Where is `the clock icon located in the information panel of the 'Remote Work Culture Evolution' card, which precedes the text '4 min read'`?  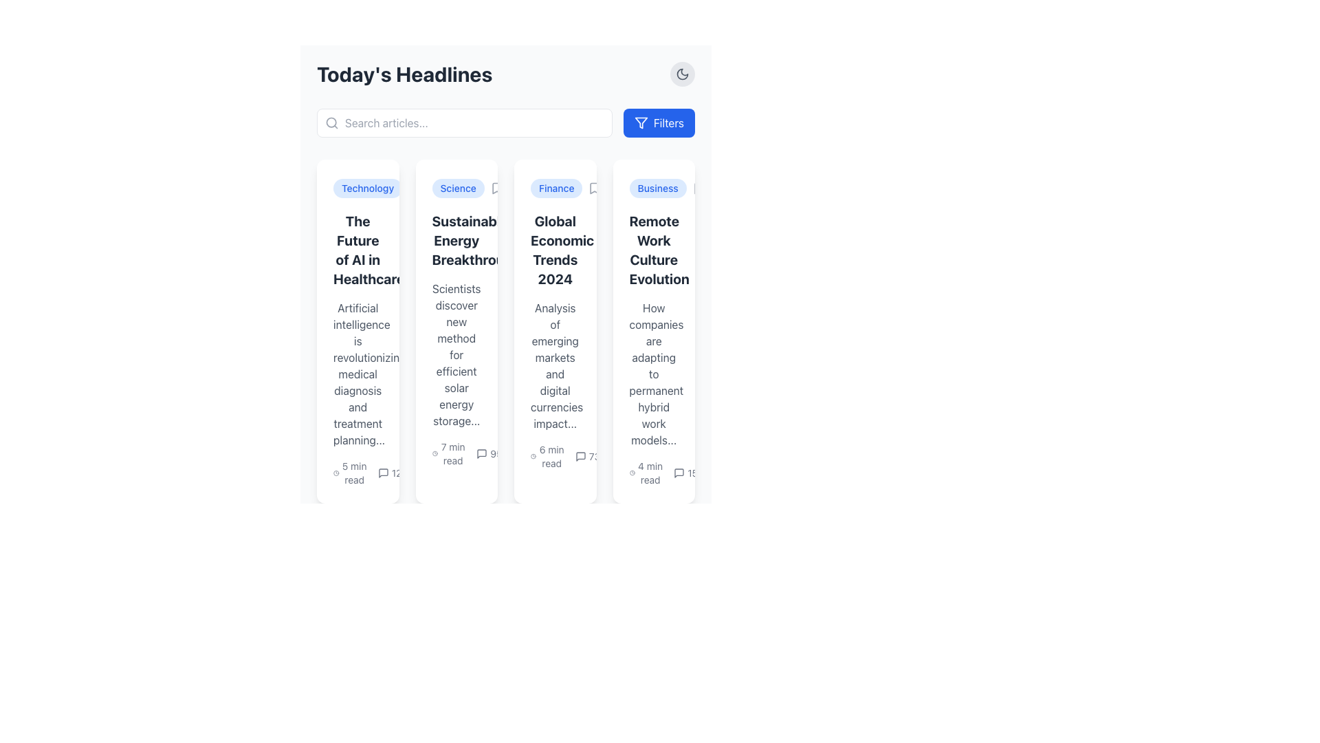
the clock icon located in the information panel of the 'Remote Work Culture Evolution' card, which precedes the text '4 min read' is located at coordinates (631, 472).